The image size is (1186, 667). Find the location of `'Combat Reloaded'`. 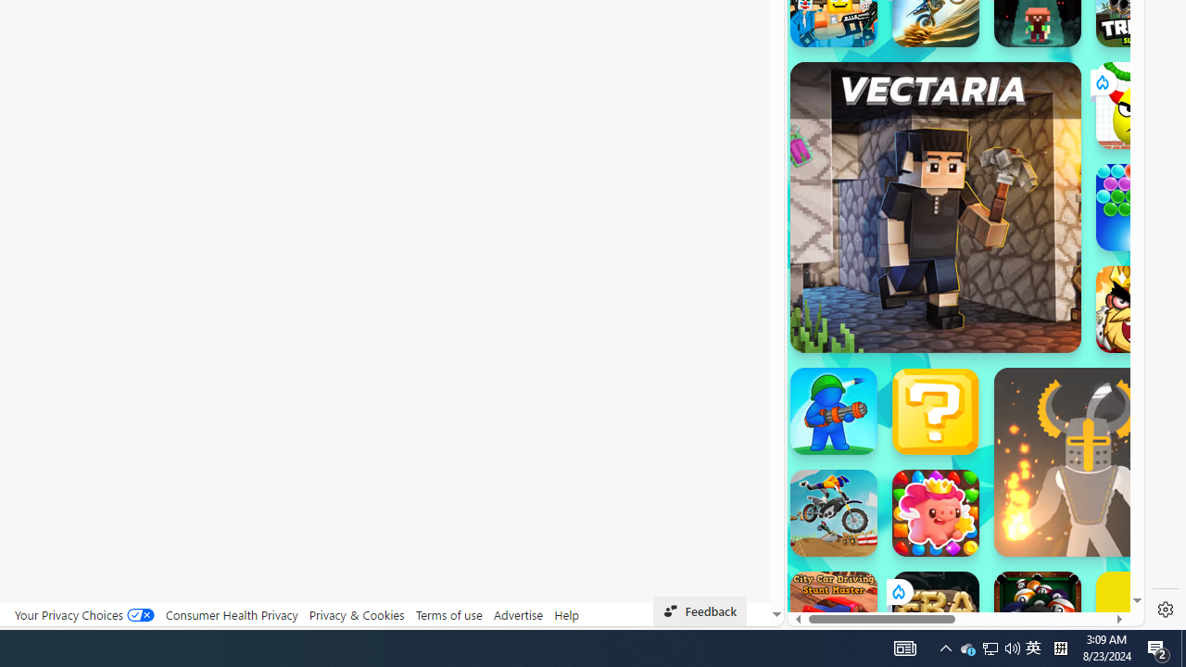

'Combat Reloaded' is located at coordinates (1010, 269).